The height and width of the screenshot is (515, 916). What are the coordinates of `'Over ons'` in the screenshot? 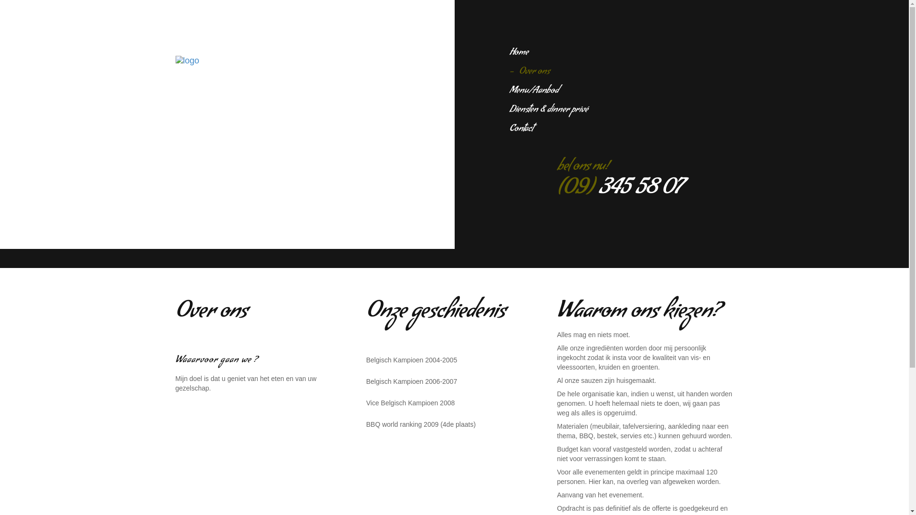 It's located at (509, 72).